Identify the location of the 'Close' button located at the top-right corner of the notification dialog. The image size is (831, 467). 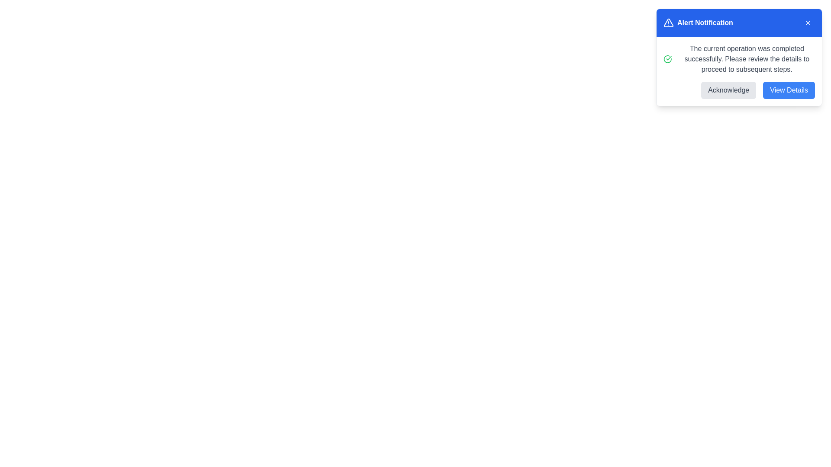
(808, 22).